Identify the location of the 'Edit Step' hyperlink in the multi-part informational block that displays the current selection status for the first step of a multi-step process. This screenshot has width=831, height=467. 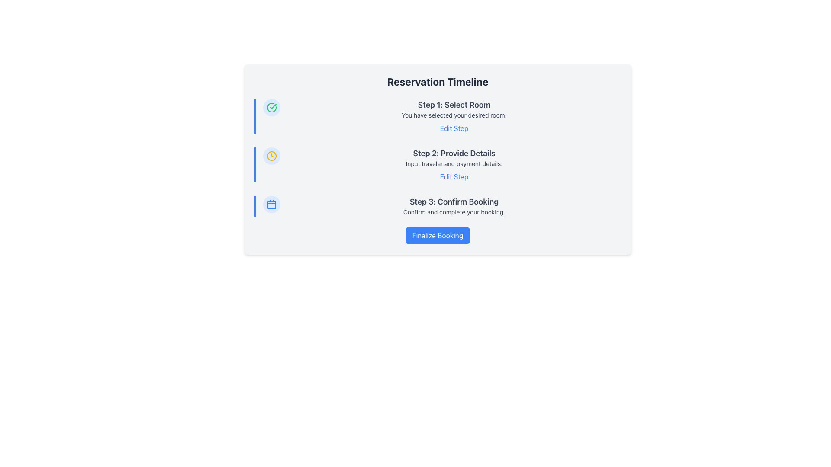
(454, 116).